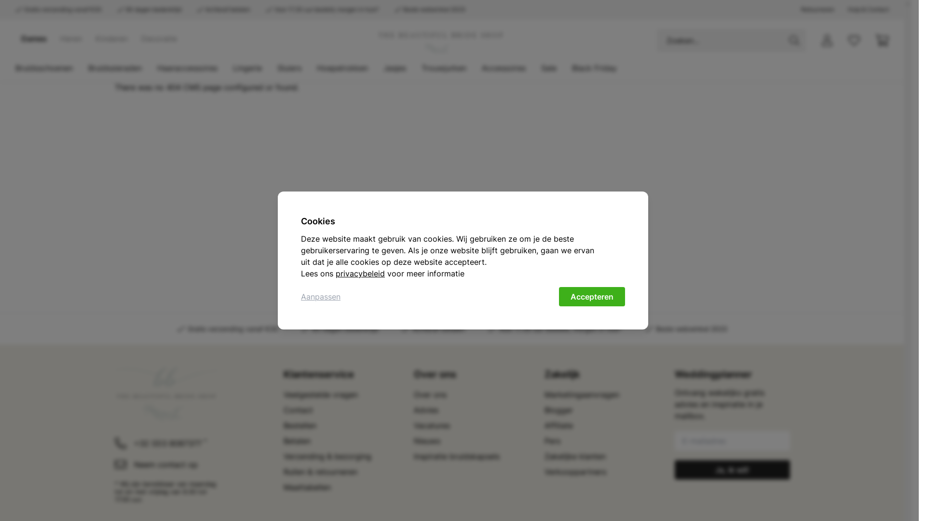 This screenshot has width=926, height=521. What do you see at coordinates (685, 329) in the screenshot?
I see `'Beste webwinkel 2023'` at bounding box center [685, 329].